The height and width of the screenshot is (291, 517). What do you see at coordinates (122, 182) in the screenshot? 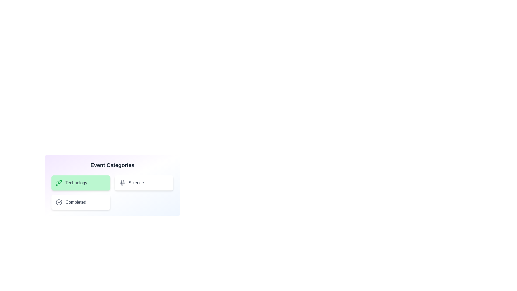
I see `the category 'Science' by clicking its icon` at bounding box center [122, 182].